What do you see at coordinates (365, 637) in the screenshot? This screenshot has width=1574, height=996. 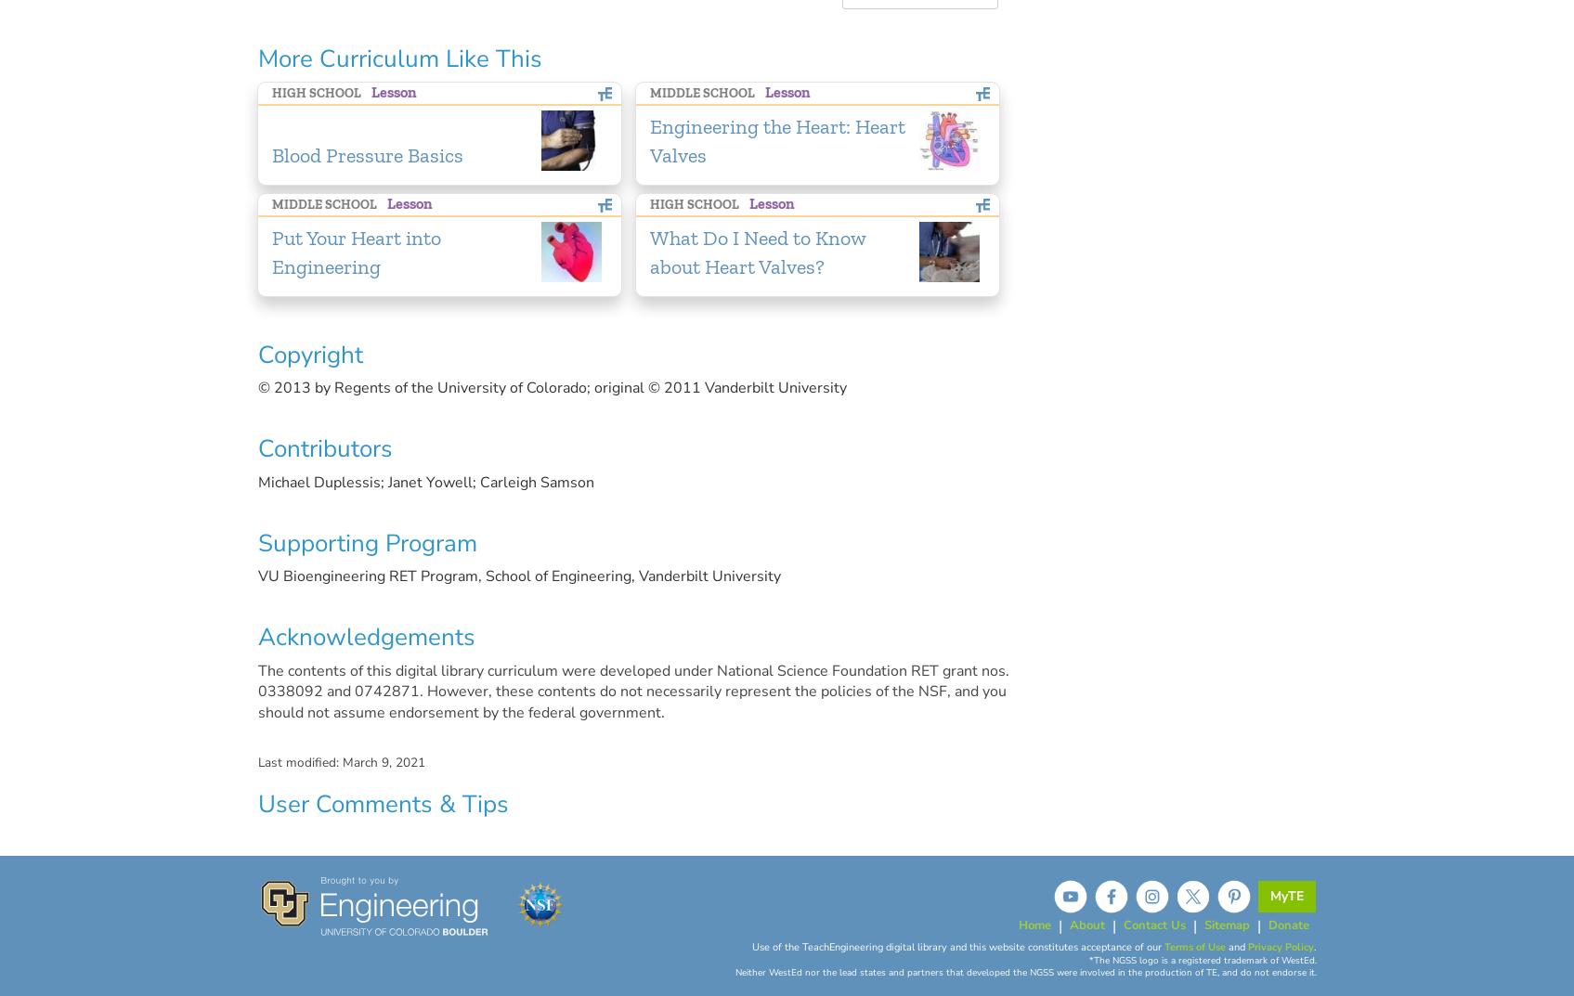 I see `'Acknowledgements'` at bounding box center [365, 637].